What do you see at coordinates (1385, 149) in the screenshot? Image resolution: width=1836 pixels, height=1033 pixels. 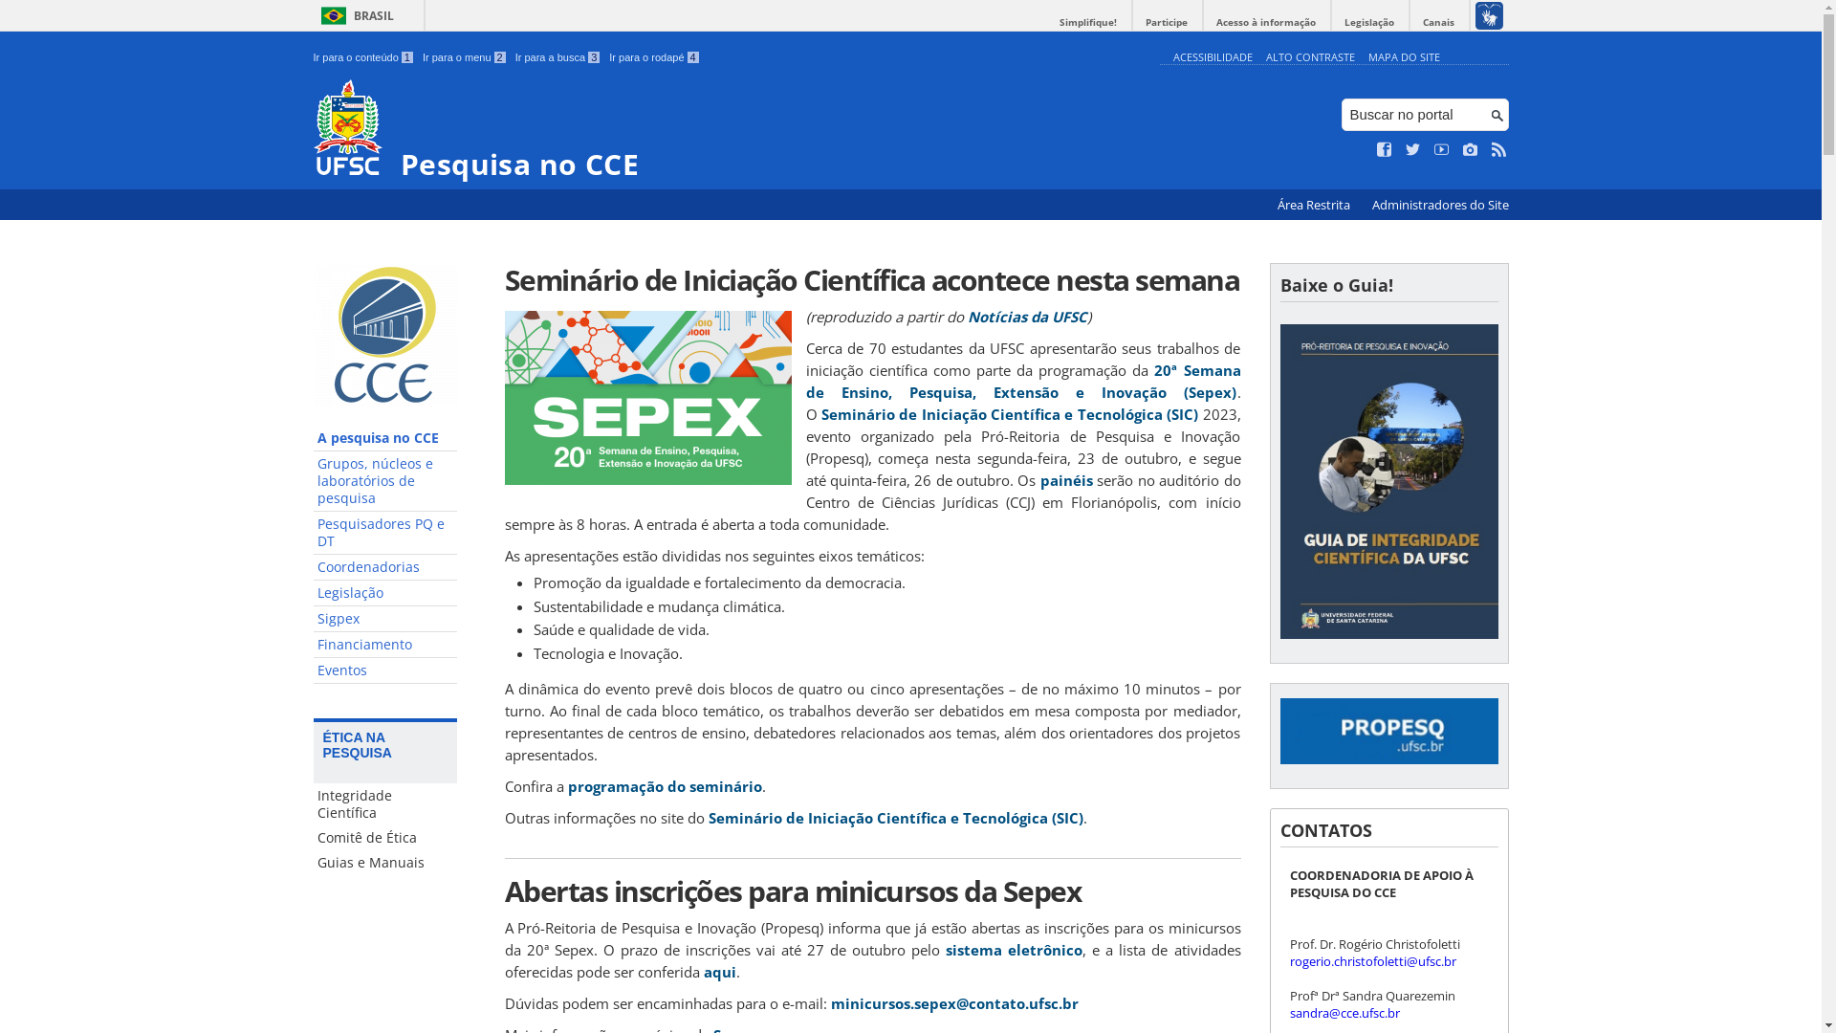 I see `'Curta no Facebook'` at bounding box center [1385, 149].